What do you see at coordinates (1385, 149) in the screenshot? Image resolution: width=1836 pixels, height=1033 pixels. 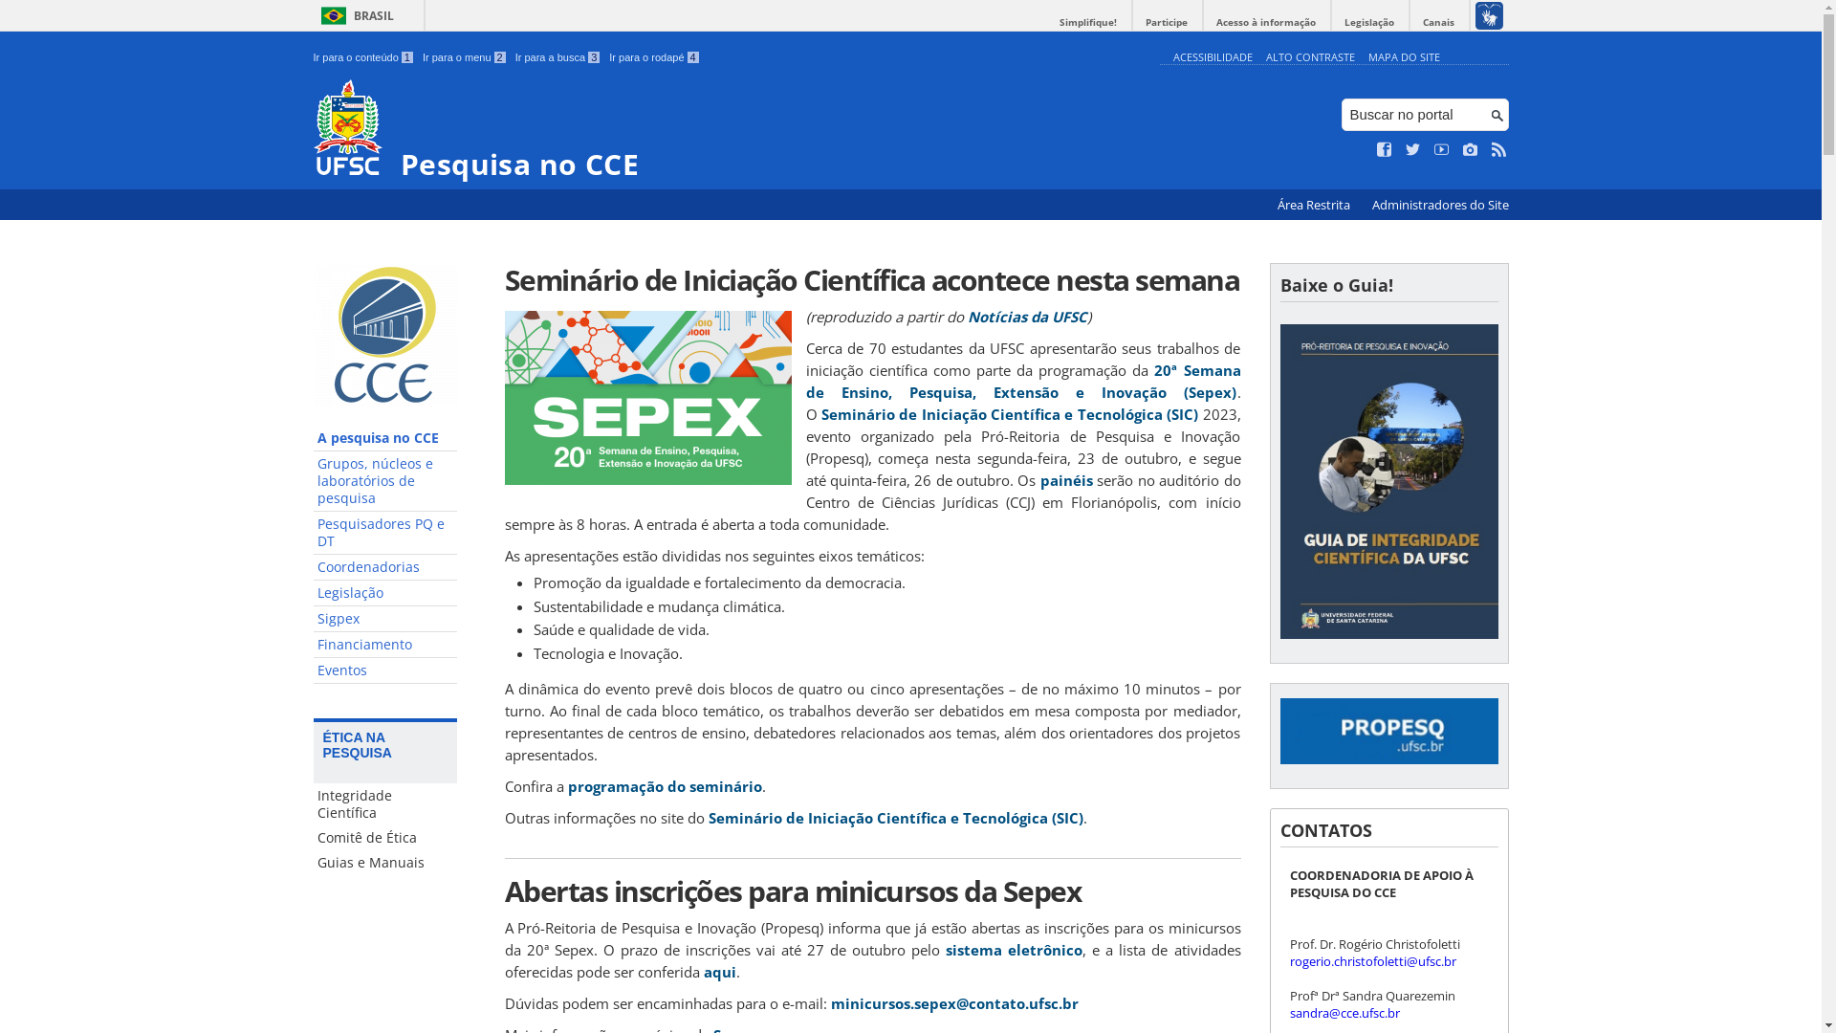 I see `'Curta no Facebook'` at bounding box center [1385, 149].